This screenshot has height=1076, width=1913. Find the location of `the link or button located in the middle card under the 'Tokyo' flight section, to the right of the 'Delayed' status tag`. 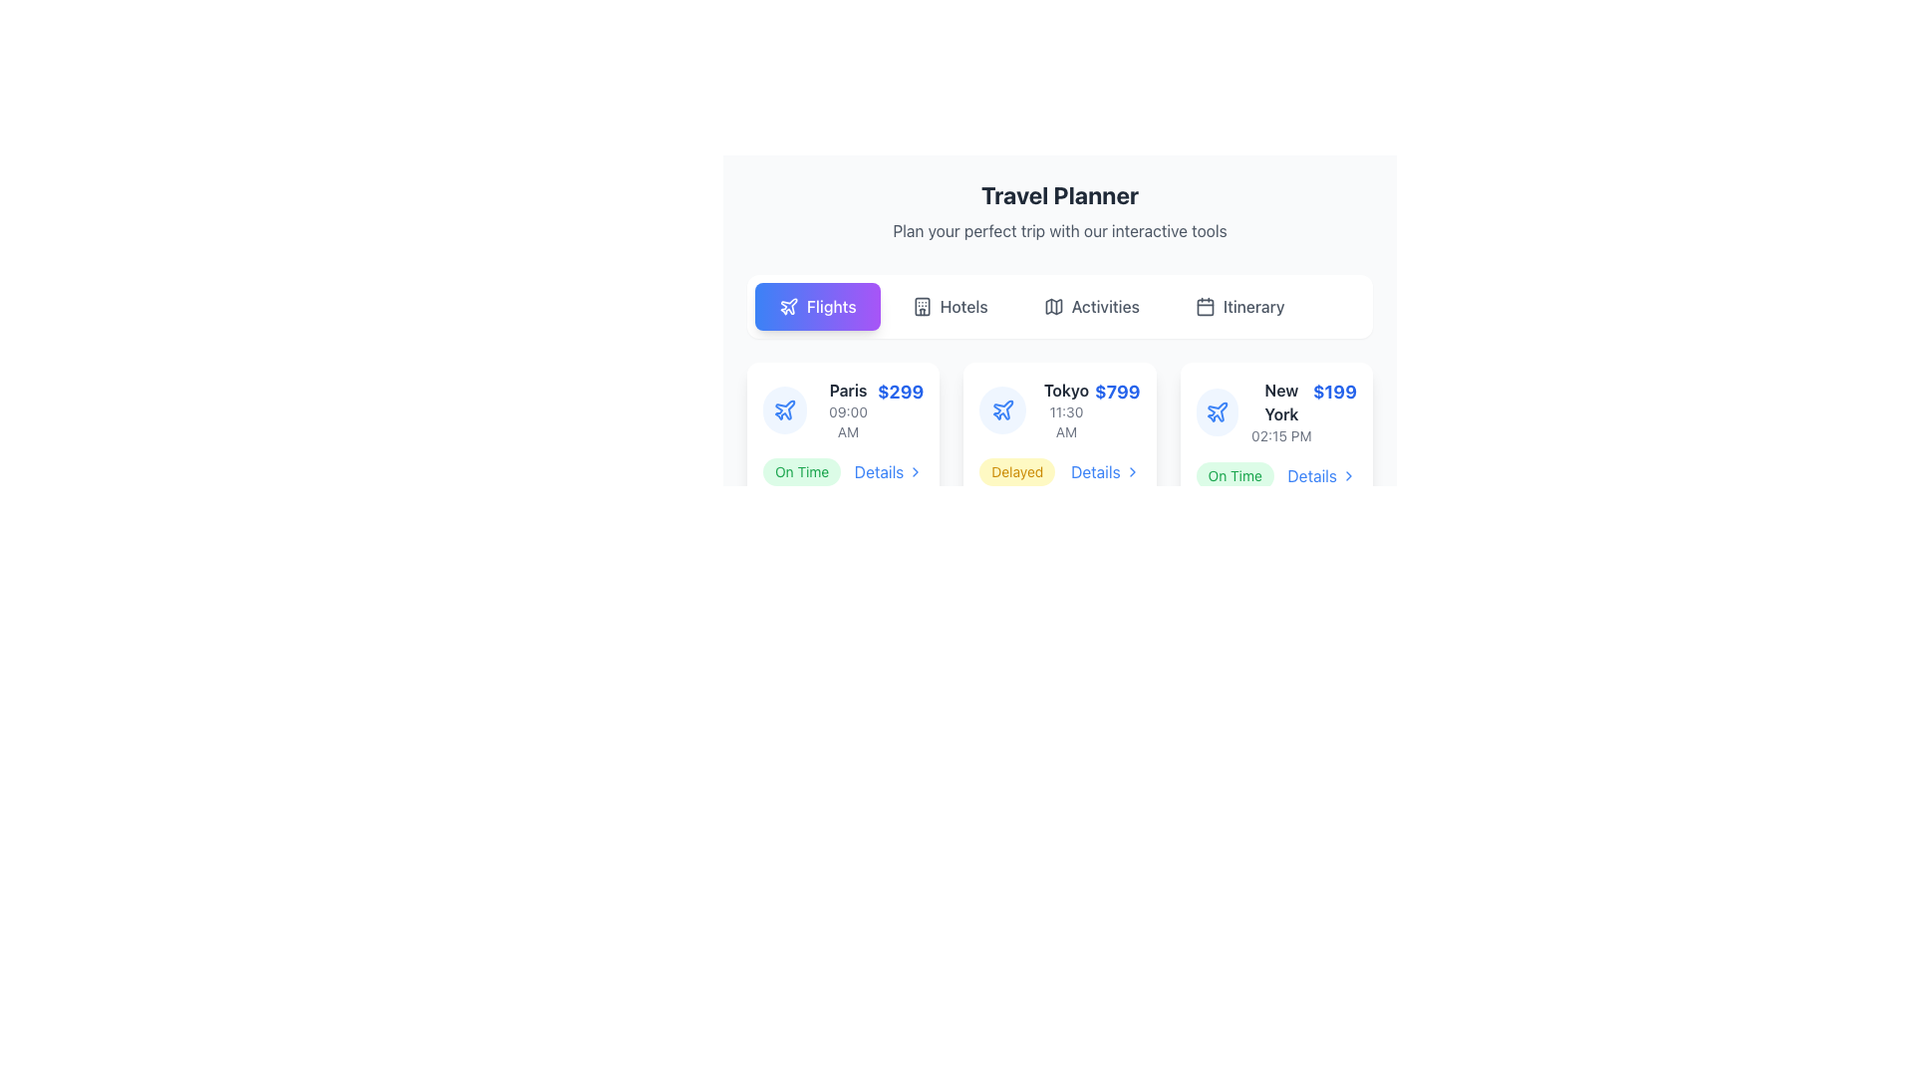

the link or button located in the middle card under the 'Tokyo' flight section, to the right of the 'Delayed' status tag is located at coordinates (1104, 472).